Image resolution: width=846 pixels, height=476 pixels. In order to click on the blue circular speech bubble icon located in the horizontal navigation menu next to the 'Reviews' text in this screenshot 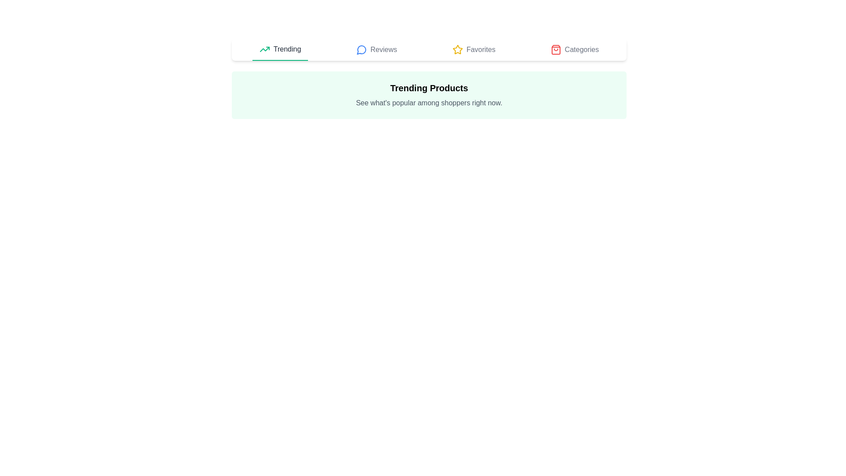, I will do `click(361, 49)`.